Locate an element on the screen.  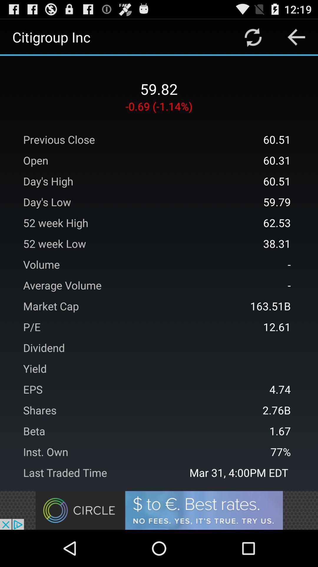
menu paga is located at coordinates (253, 37).